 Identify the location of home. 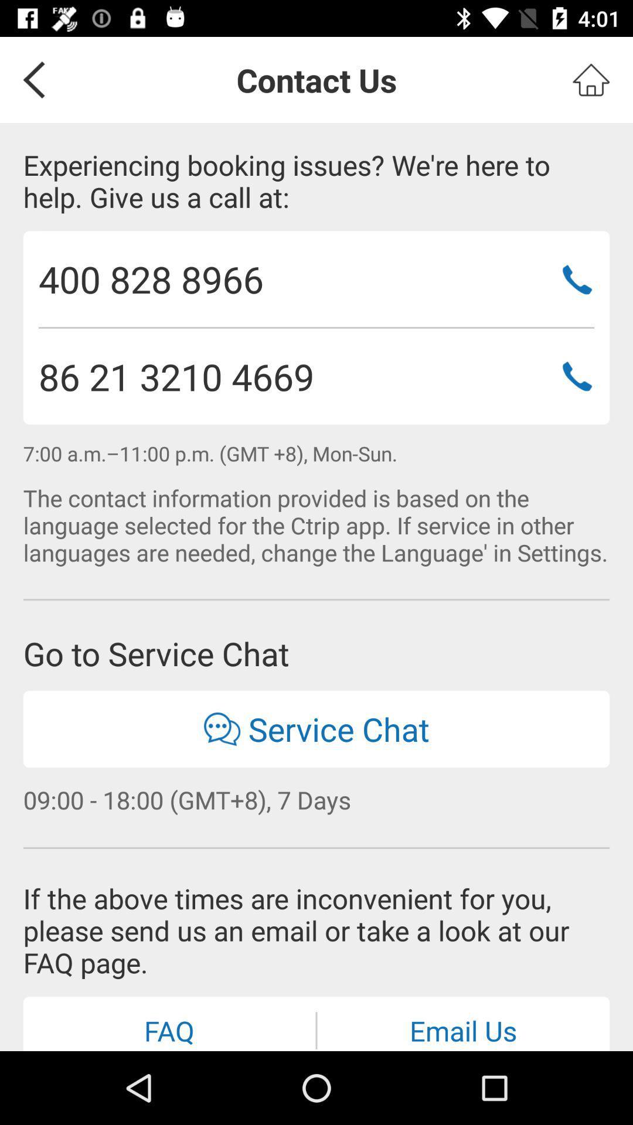
(591, 79).